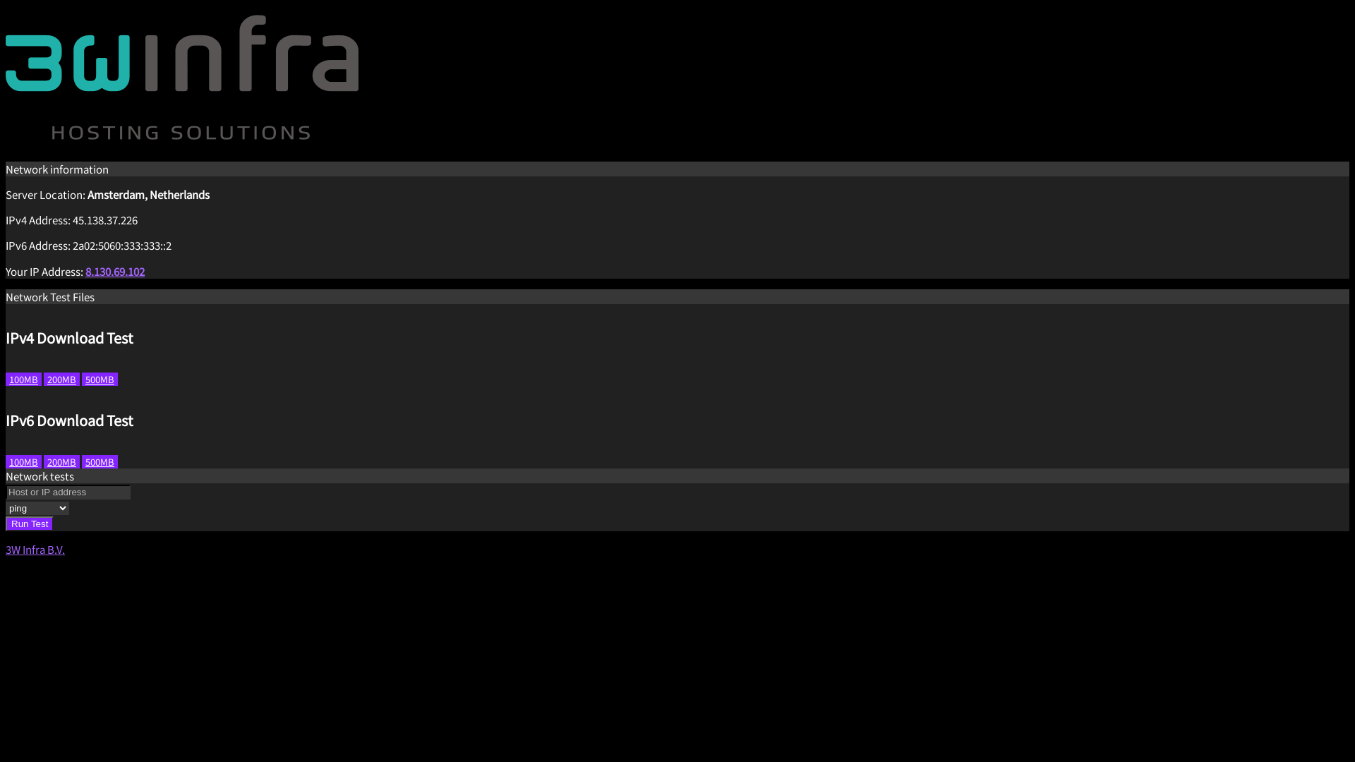 The height and width of the screenshot is (762, 1355). What do you see at coordinates (99, 378) in the screenshot?
I see `'500MB'` at bounding box center [99, 378].